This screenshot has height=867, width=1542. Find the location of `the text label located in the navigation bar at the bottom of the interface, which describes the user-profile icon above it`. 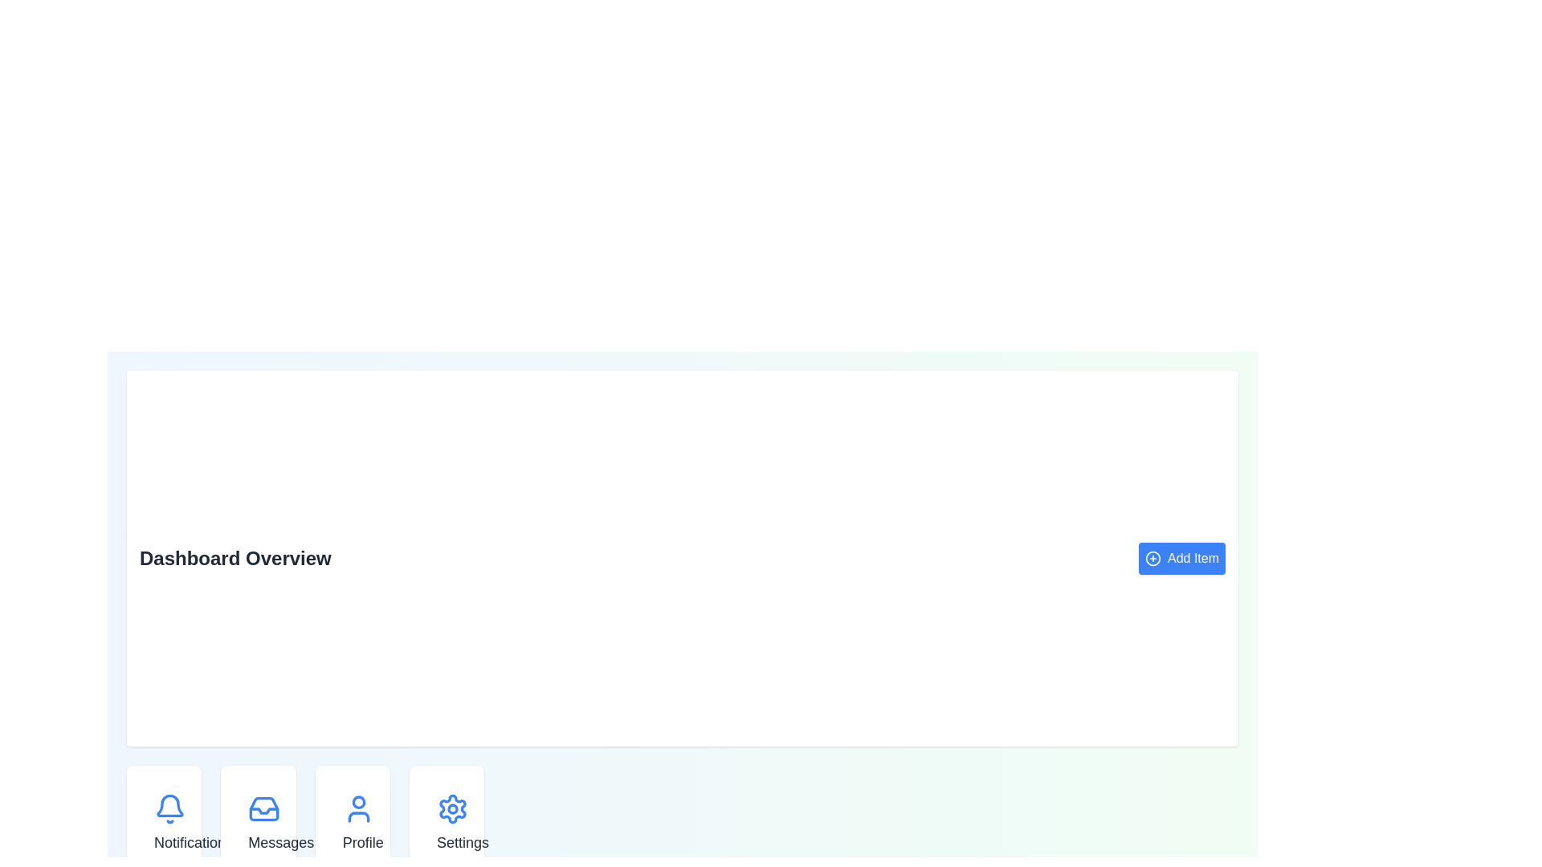

the text label located in the navigation bar at the bottom of the interface, which describes the user-profile icon above it is located at coordinates (362, 841).